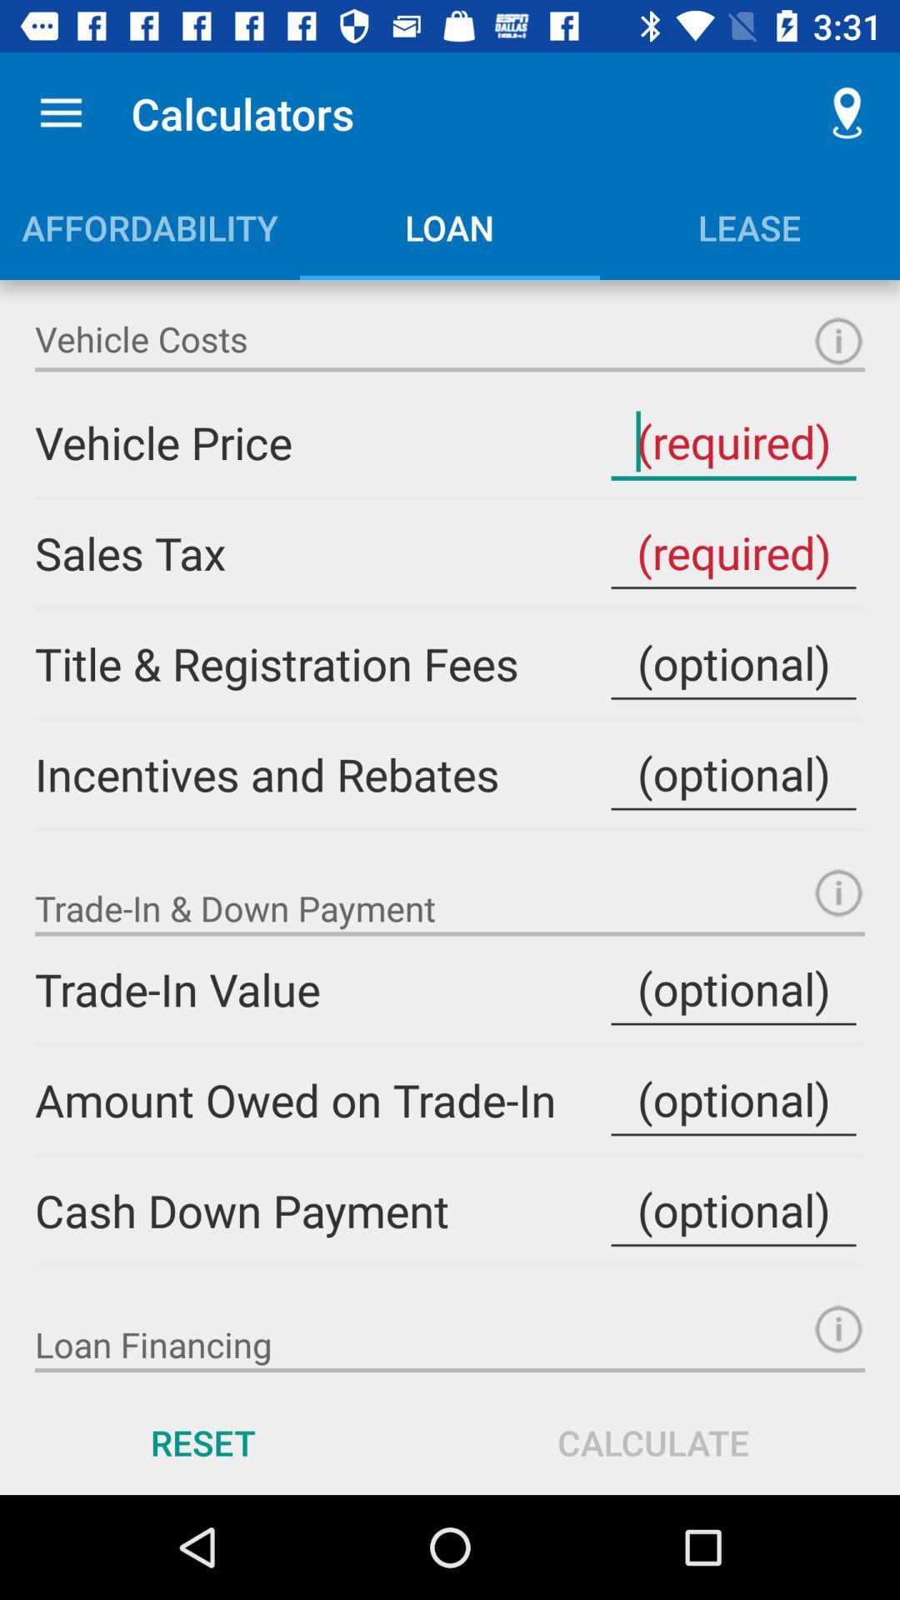 Image resolution: width=900 pixels, height=1600 pixels. What do you see at coordinates (732, 1100) in the screenshot?
I see `insert value` at bounding box center [732, 1100].